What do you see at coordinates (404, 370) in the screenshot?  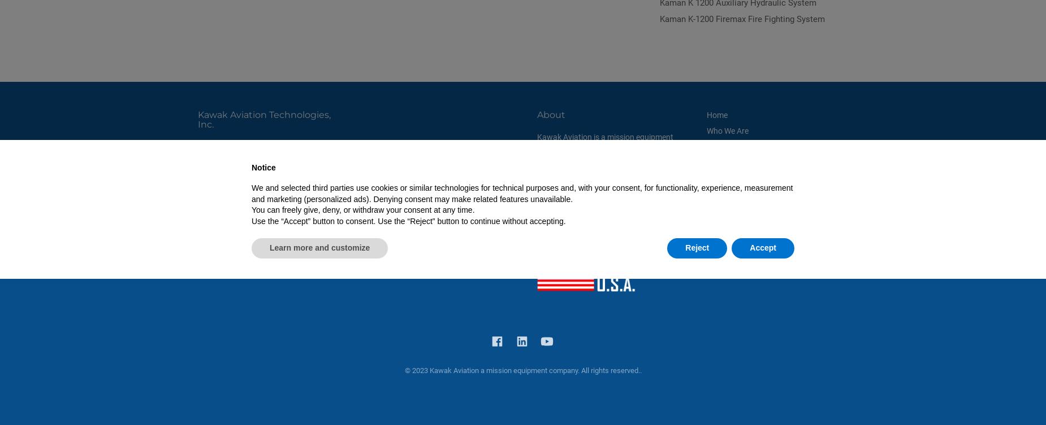 I see `'© 2023 Kawak Aviation a mission equipment company. All rights reserved..'` at bounding box center [404, 370].